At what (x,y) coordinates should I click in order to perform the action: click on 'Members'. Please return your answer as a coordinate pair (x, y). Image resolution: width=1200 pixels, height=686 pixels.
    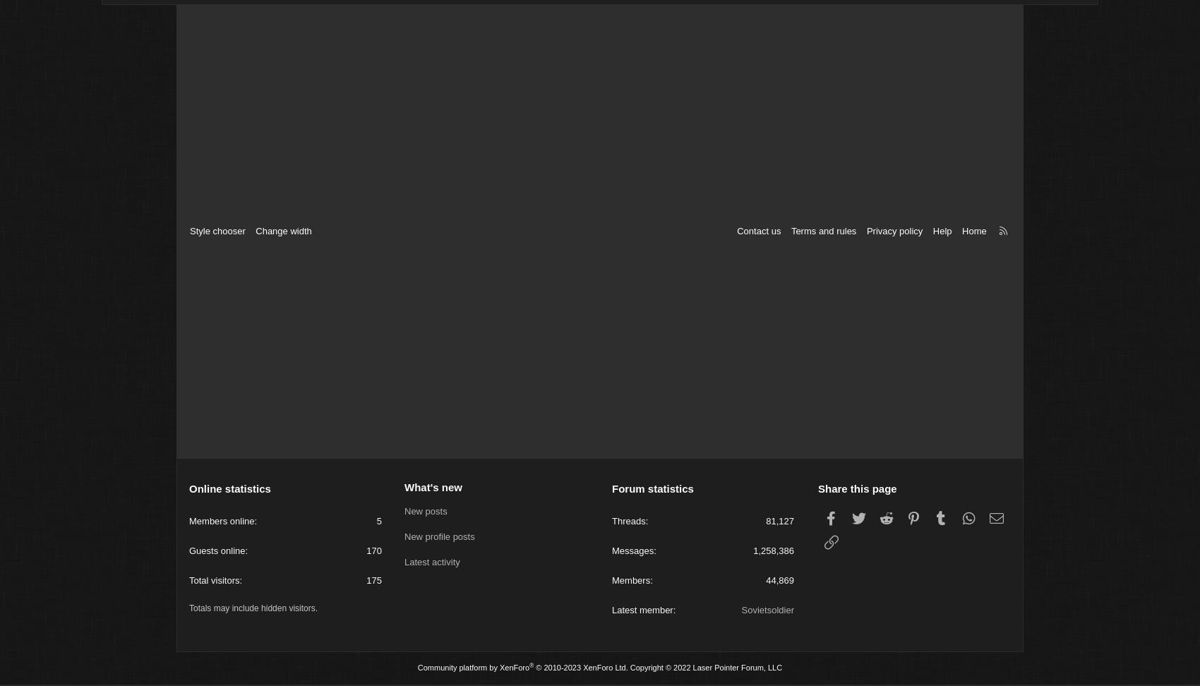
    Looking at the image, I should click on (612, 582).